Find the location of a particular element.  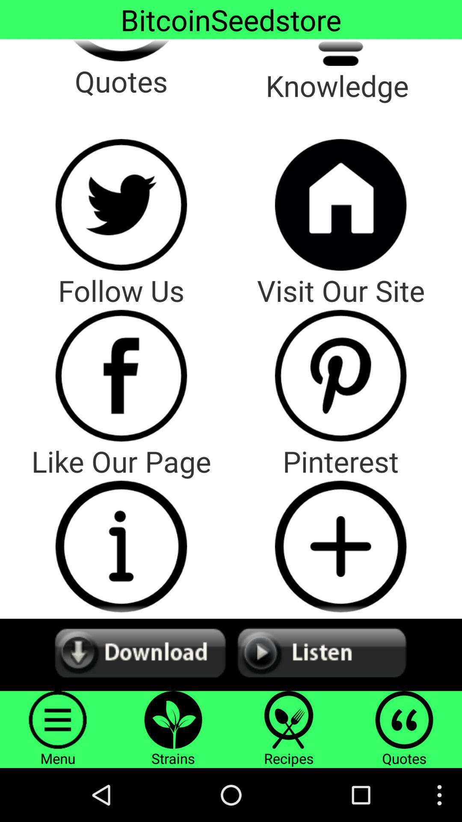

follow on twitter is located at coordinates (121, 204).